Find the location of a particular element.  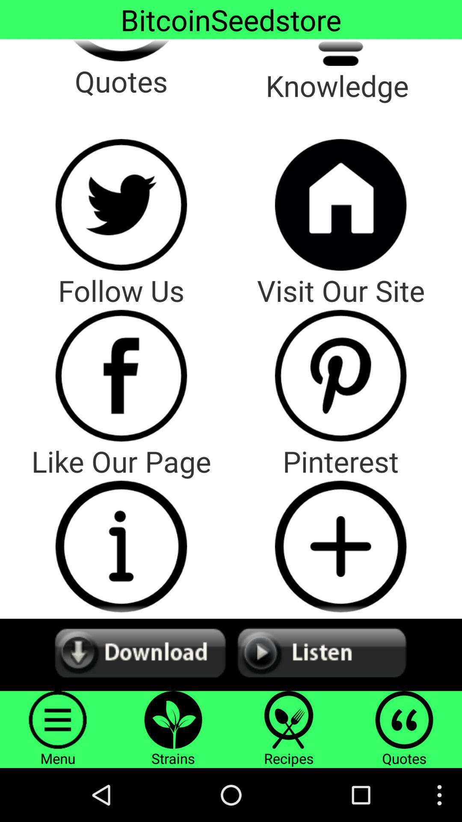

follow on twitter is located at coordinates (121, 204).